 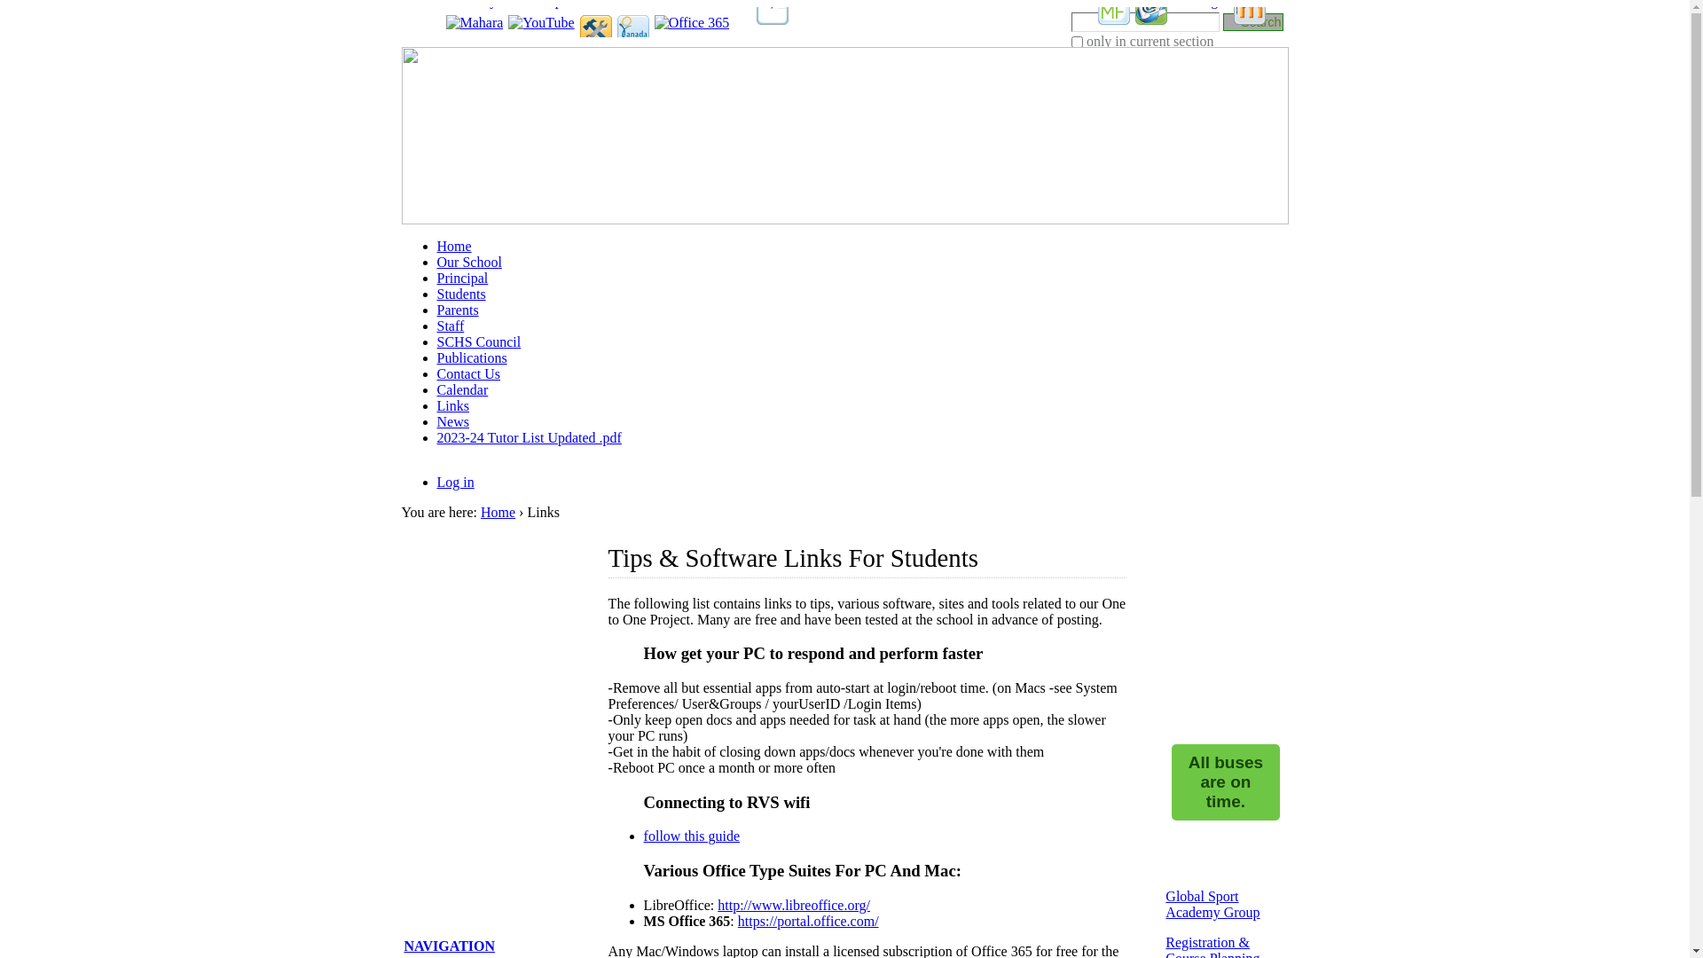 I want to click on 'follow this guide', so click(x=690, y=836).